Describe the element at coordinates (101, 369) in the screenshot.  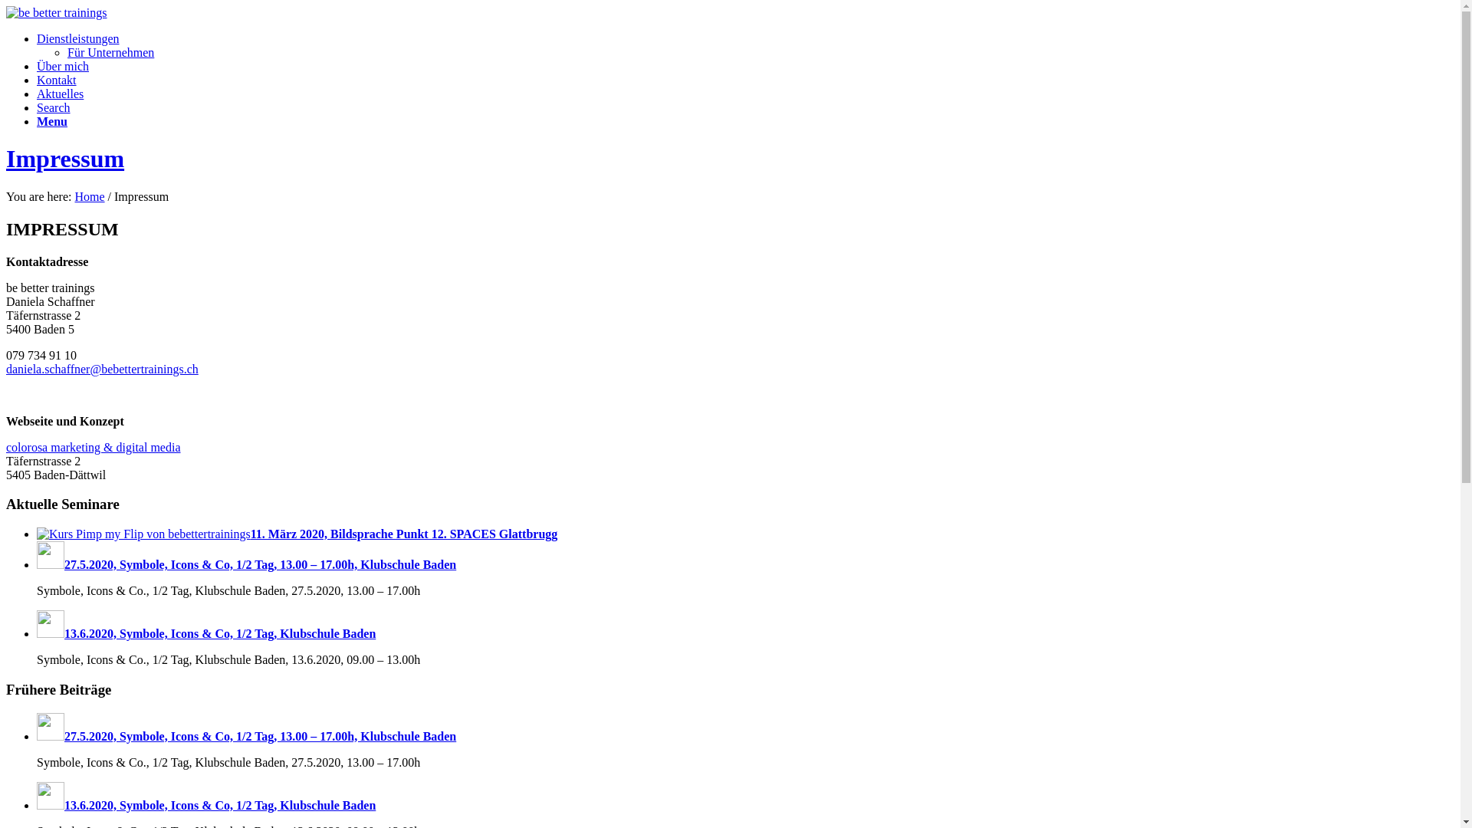
I see `'daniela.schaffner@bebettertrainings.ch'` at that location.